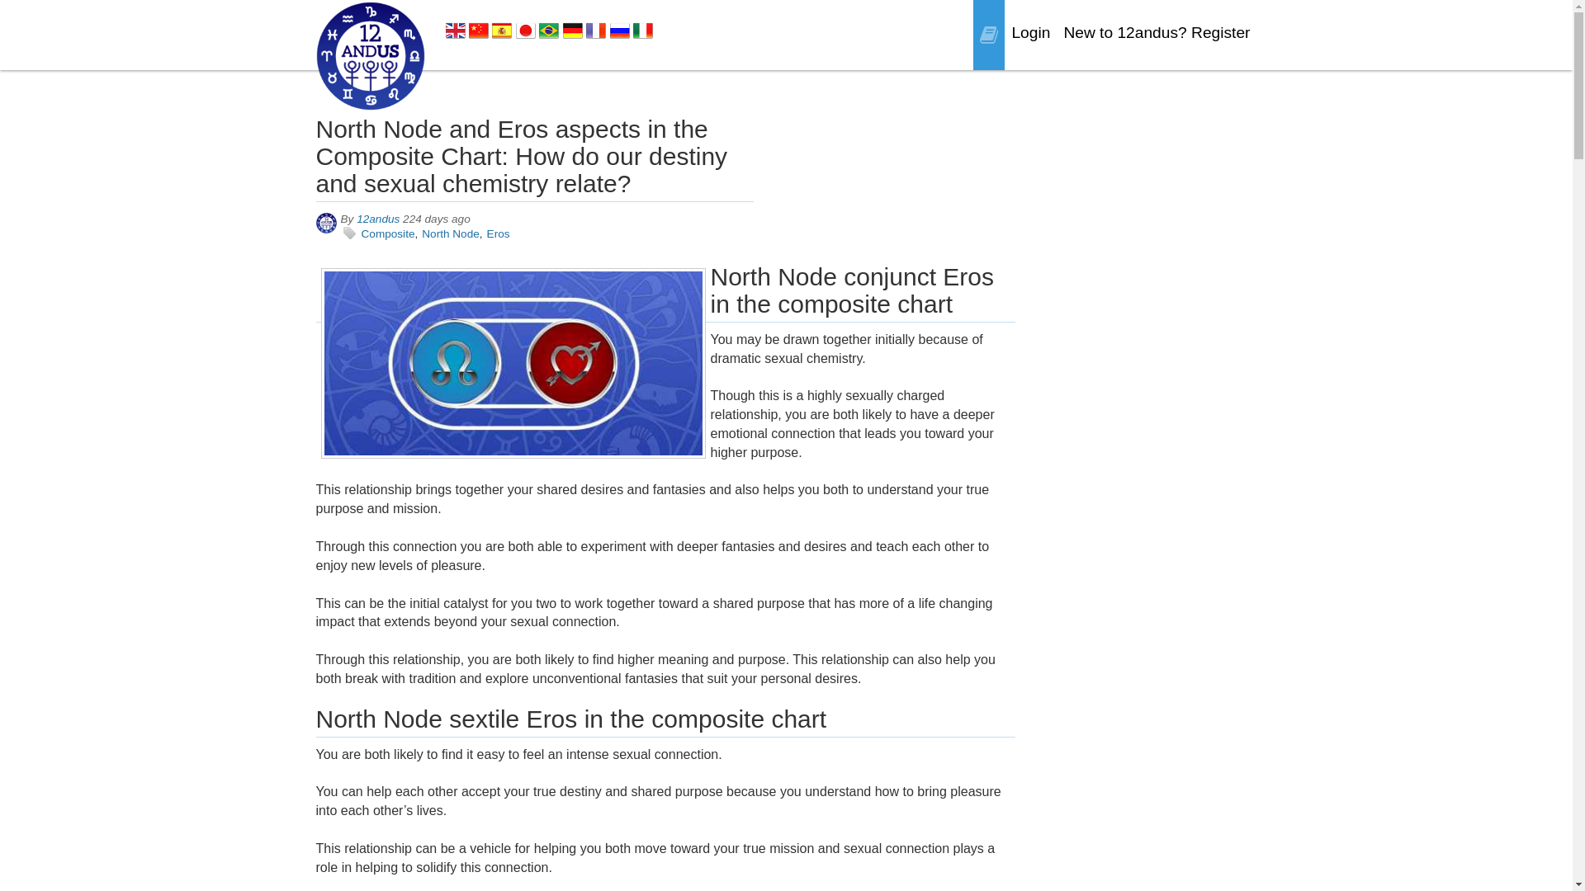 The width and height of the screenshot is (1585, 891). Describe the element at coordinates (478, 31) in the screenshot. I see `'Chinese'` at that location.